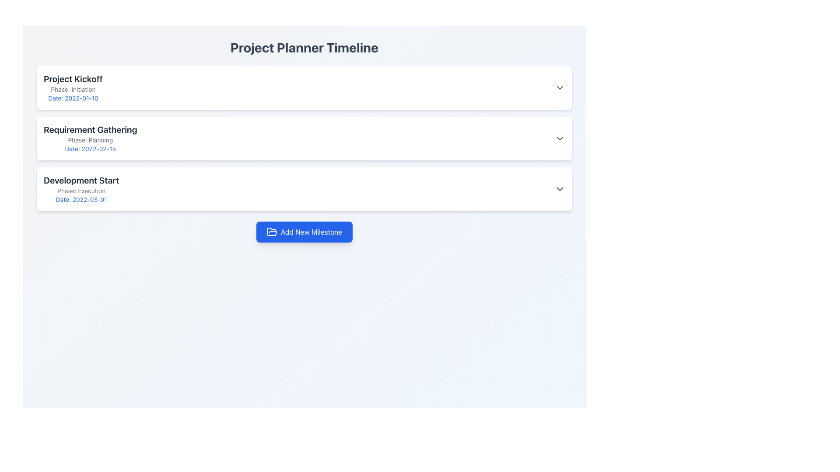 The height and width of the screenshot is (472, 840). I want to click on project milestone title displayed as the primary text at the top of the third milestone card, which is part of a vertically stacked list of milestones, so click(81, 180).